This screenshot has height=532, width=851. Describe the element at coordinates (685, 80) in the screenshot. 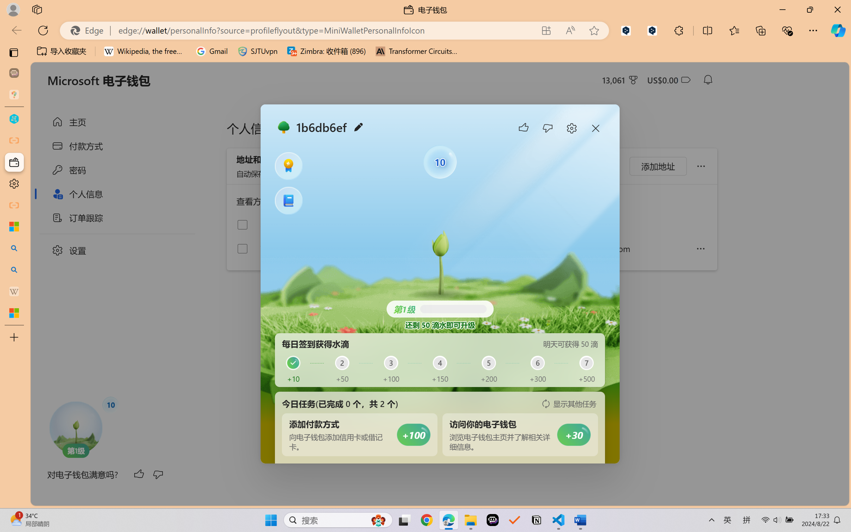

I see `'Class: ___1lmltc5 f1agt3bx f12qytpq'` at that location.